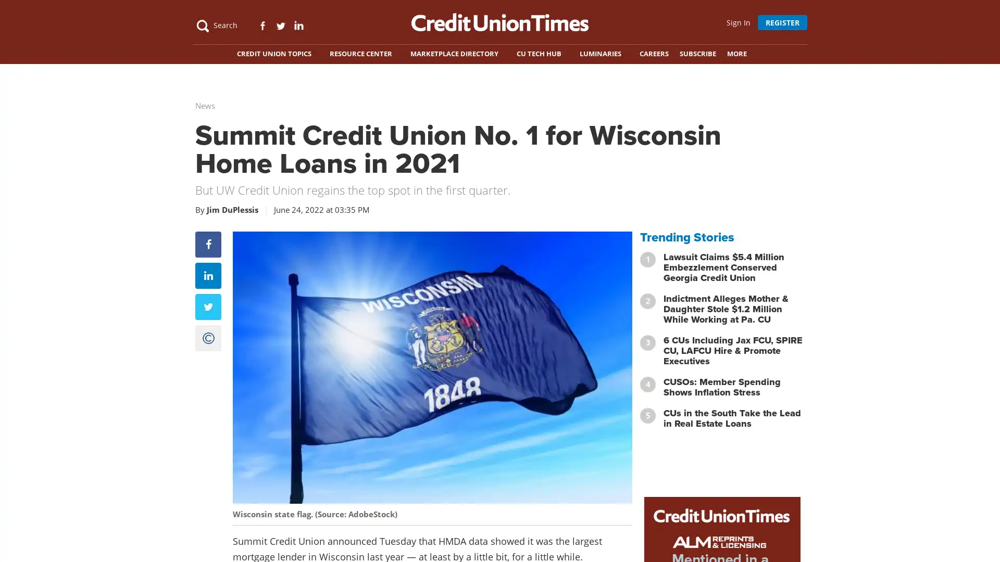  I want to click on Share on Twitter, so click(208, 348).